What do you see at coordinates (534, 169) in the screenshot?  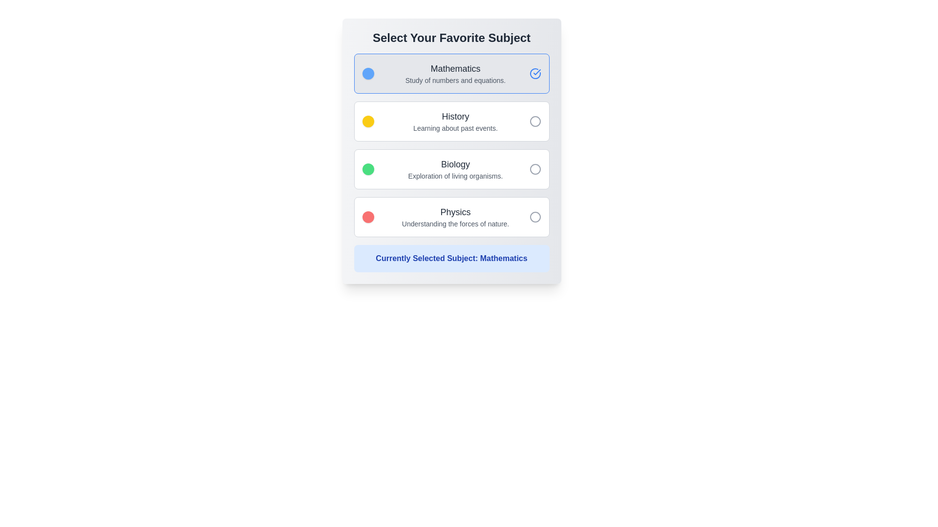 I see `the circular icon button located on the right side of the 'Biology' list item` at bounding box center [534, 169].